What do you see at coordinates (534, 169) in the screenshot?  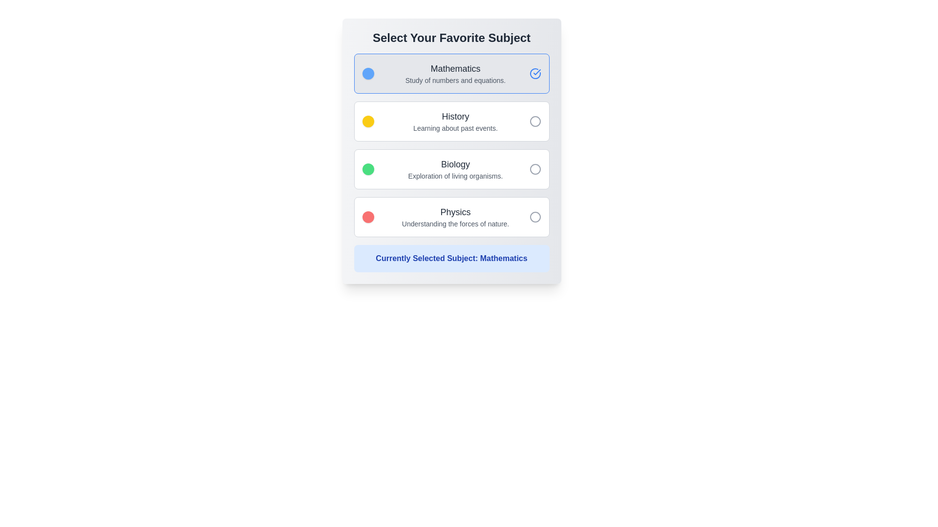 I see `the circular icon button located on the right side of the 'Biology' list item` at bounding box center [534, 169].